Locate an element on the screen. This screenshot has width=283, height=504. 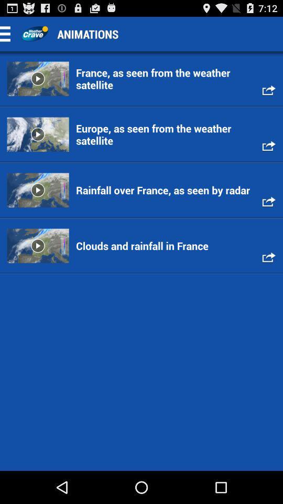
settings is located at coordinates (8, 34).